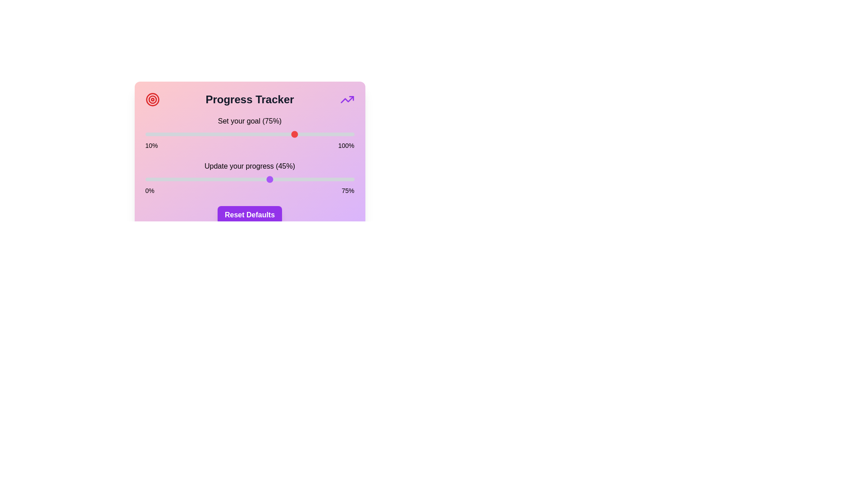  I want to click on the 'Update your progress' slider to set the progress to 13%, so click(181, 179).